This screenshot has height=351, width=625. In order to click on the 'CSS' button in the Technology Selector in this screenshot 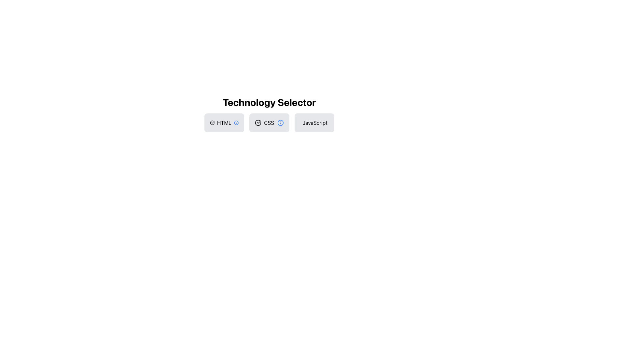, I will do `click(269, 123)`.